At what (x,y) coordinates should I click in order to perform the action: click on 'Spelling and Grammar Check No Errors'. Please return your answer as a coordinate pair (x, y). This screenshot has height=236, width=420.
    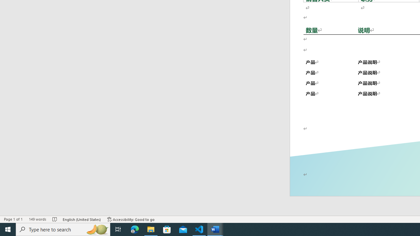
    Looking at the image, I should click on (55, 219).